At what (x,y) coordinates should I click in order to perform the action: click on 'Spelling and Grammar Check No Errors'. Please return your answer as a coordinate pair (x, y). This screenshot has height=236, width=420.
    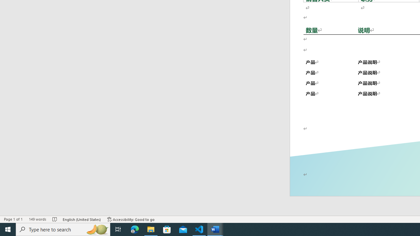
    Looking at the image, I should click on (55, 219).